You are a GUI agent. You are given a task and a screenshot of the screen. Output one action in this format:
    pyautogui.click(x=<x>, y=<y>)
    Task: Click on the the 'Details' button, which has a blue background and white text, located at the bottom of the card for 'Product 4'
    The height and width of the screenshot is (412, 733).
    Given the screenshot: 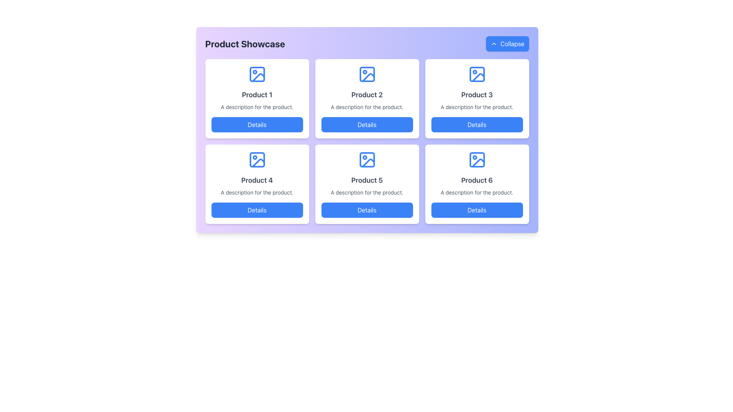 What is the action you would take?
    pyautogui.click(x=257, y=210)
    